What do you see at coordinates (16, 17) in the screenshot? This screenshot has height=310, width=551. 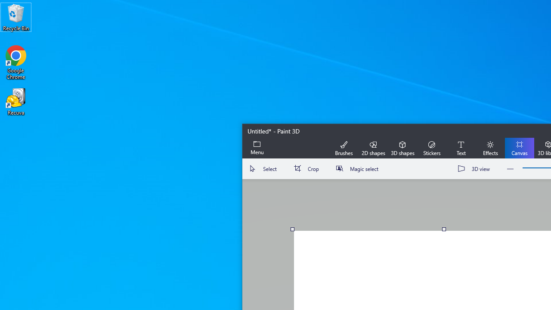 I see `'Recycle Bin'` at bounding box center [16, 17].